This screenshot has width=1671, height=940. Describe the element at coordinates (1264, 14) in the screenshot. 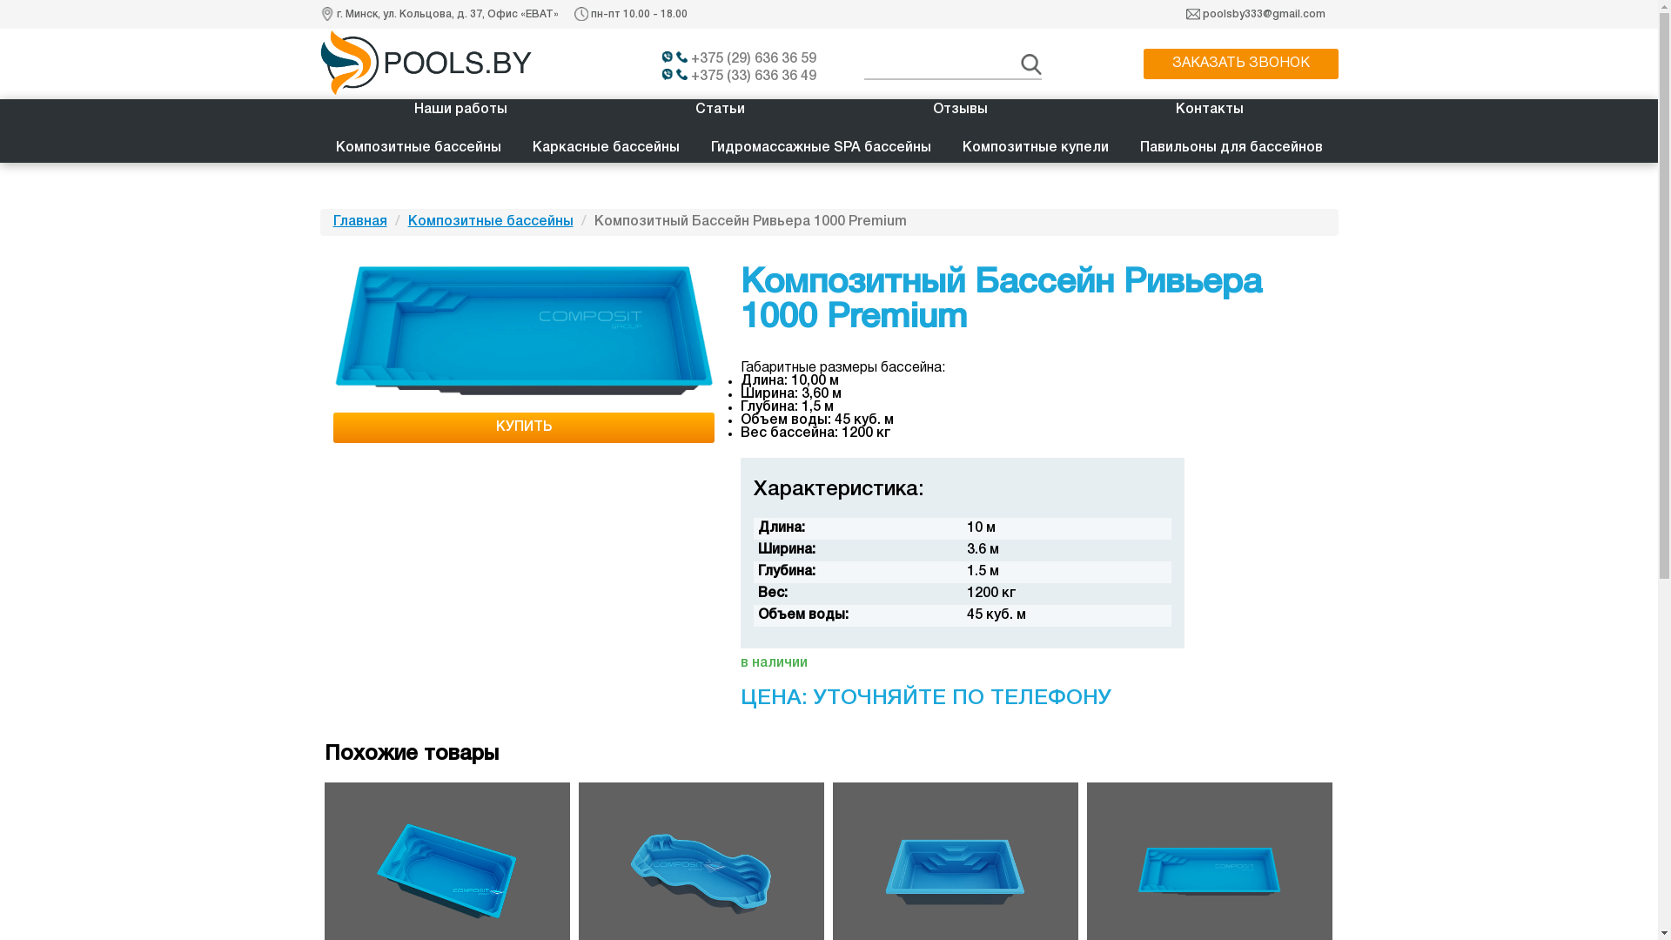

I see `'poolsby333@gmail.com'` at that location.